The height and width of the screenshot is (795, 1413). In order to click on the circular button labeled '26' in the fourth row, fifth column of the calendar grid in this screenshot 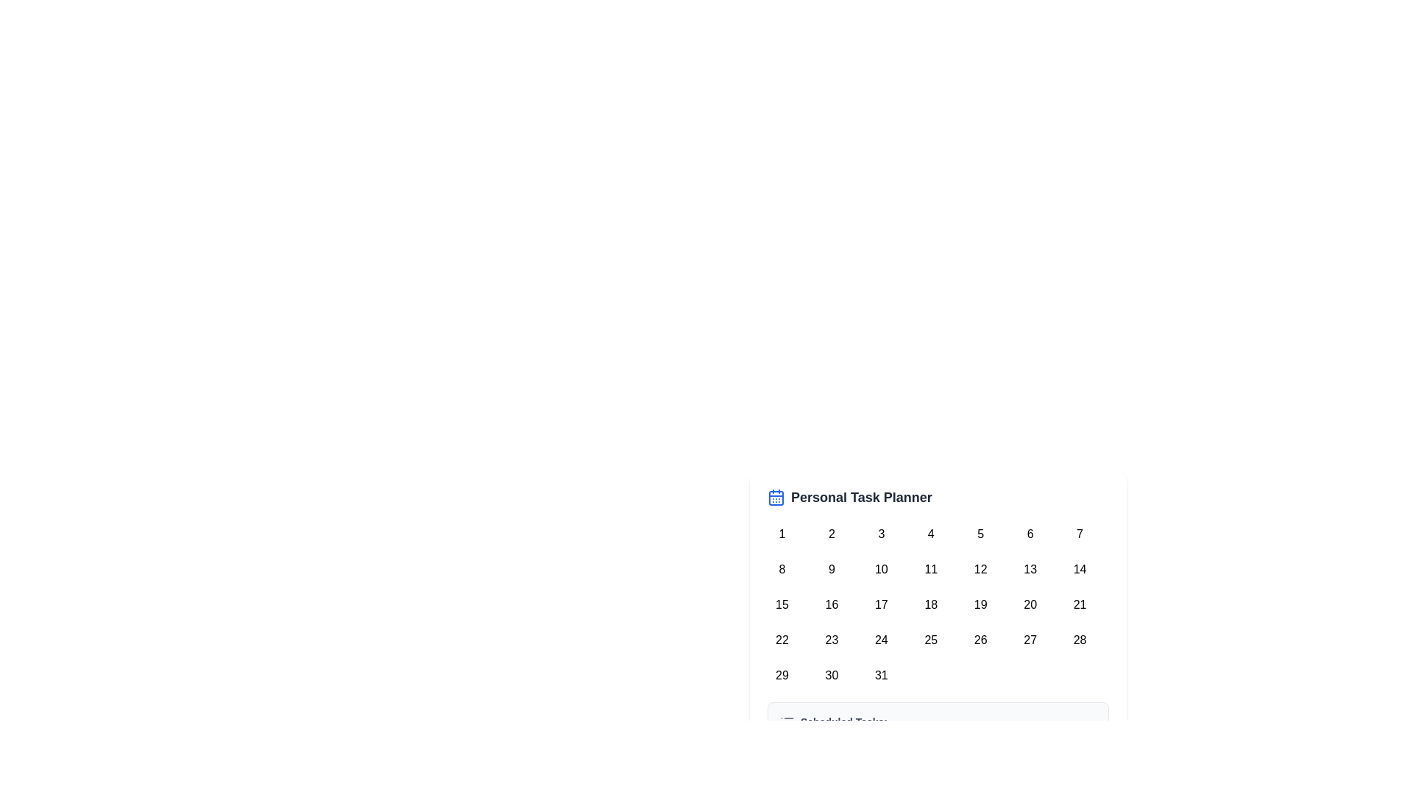, I will do `click(980, 640)`.